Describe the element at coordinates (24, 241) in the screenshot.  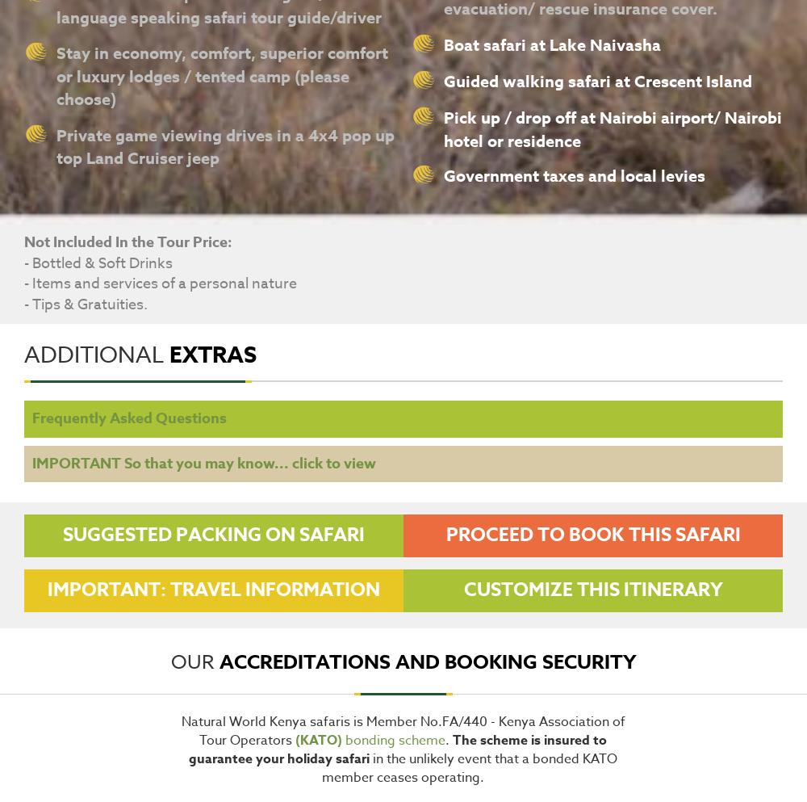
I see `'Not Included In the Tour Price:'` at that location.